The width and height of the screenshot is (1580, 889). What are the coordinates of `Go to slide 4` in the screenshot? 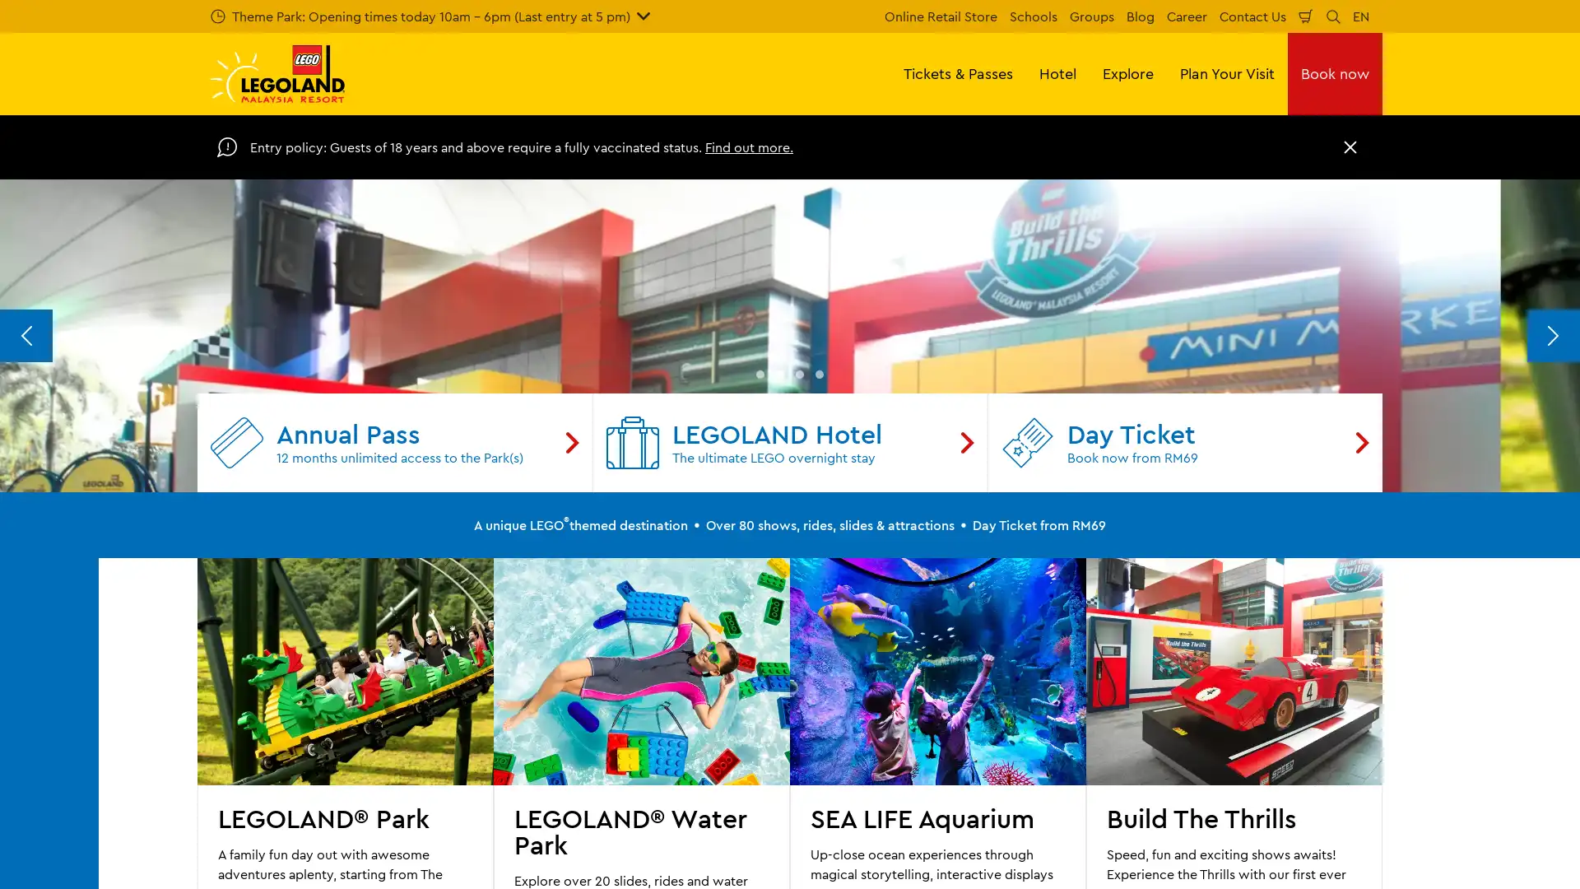 It's located at (820, 701).